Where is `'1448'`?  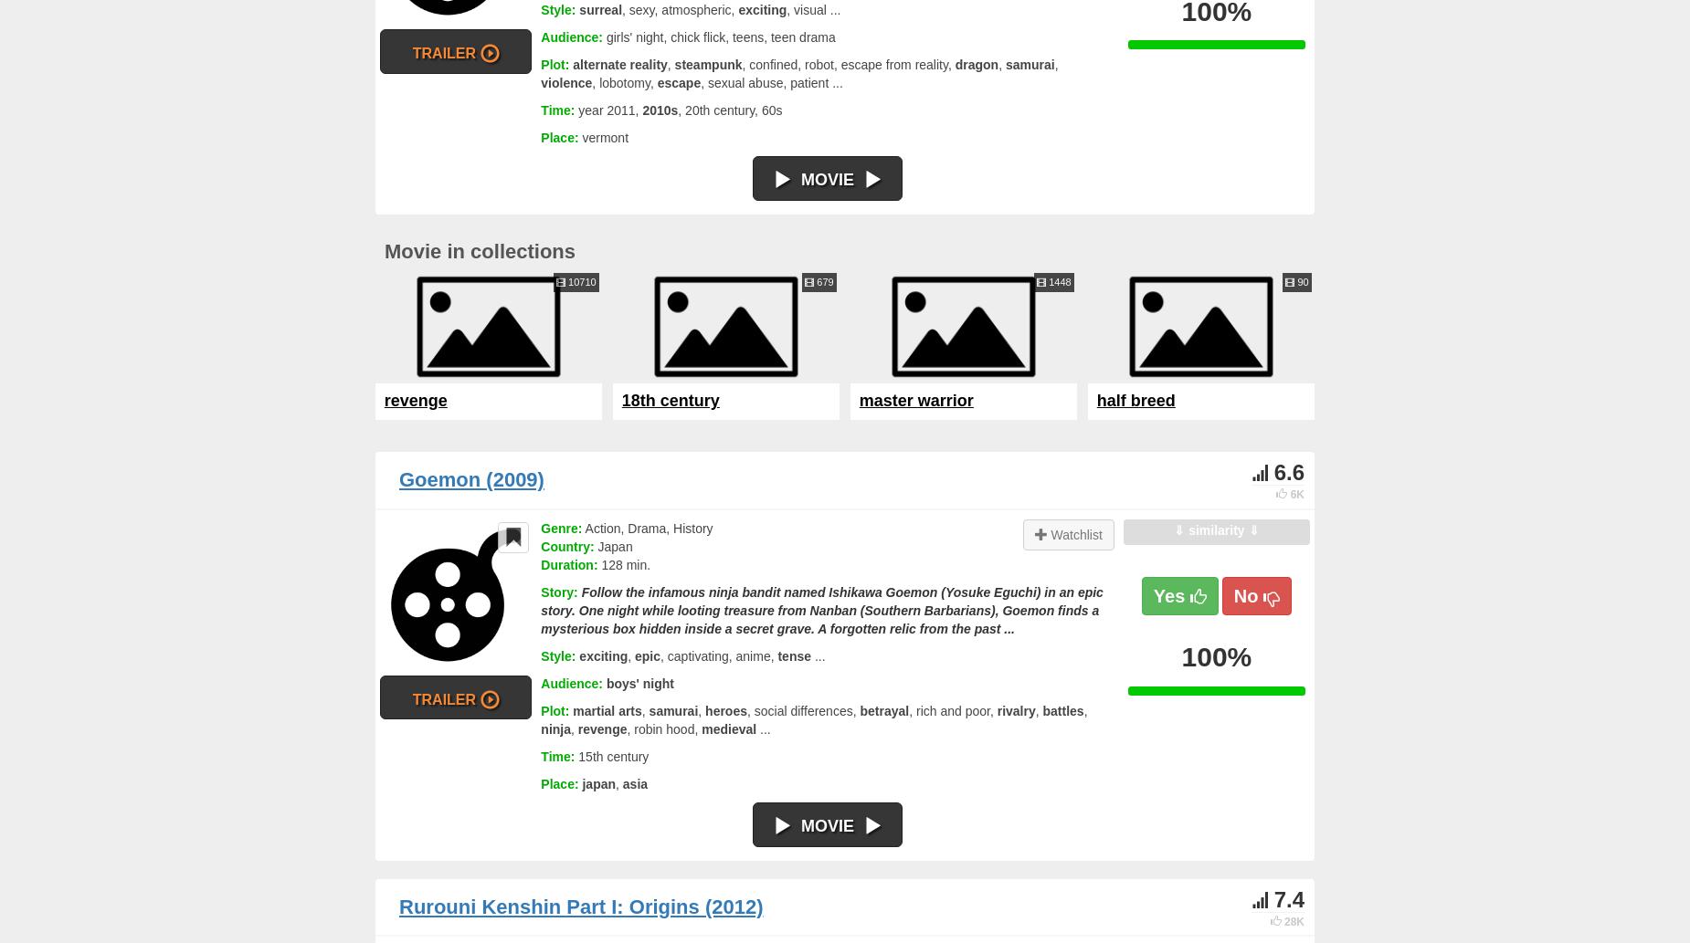 '1448' is located at coordinates (1057, 280).